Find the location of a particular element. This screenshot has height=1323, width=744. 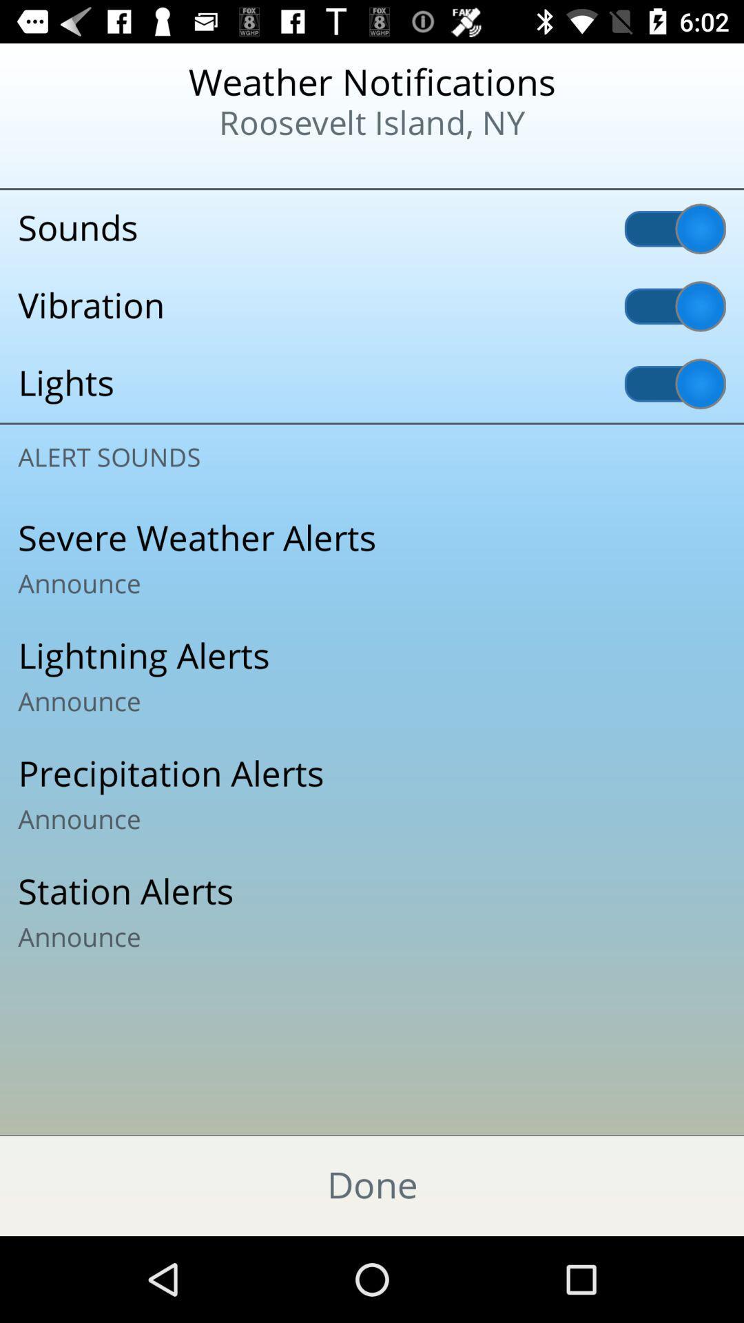

severe weather alerts icon is located at coordinates (372, 559).